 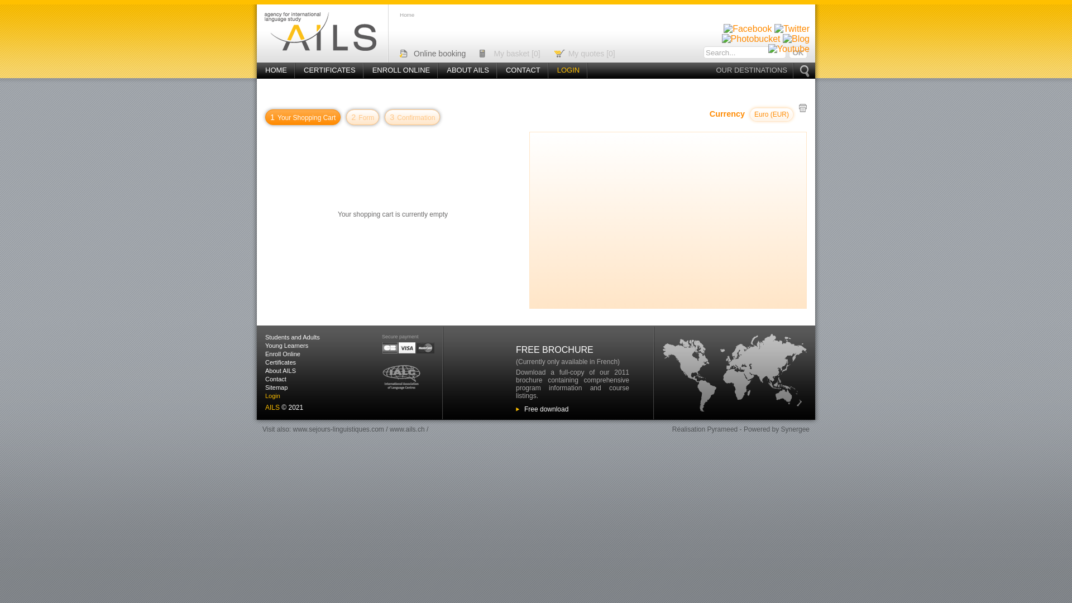 I want to click on 'My quotes [0]', so click(x=591, y=54).